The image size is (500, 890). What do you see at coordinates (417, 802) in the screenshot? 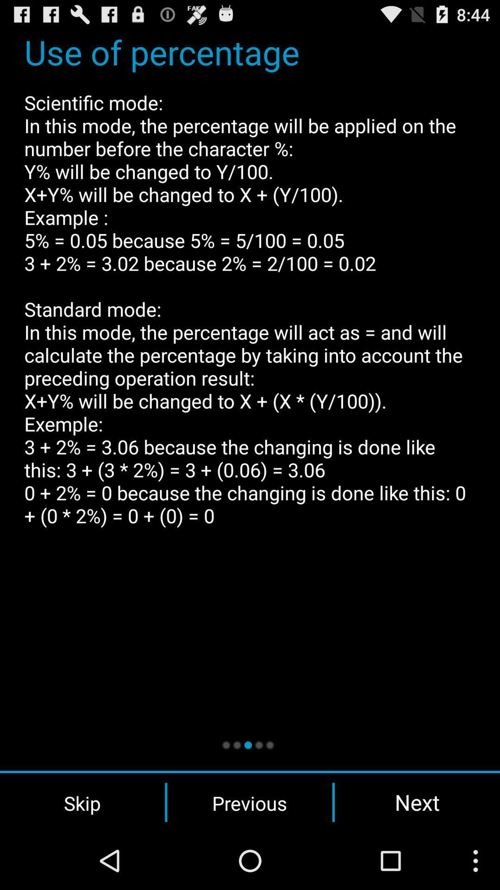
I see `next` at bounding box center [417, 802].